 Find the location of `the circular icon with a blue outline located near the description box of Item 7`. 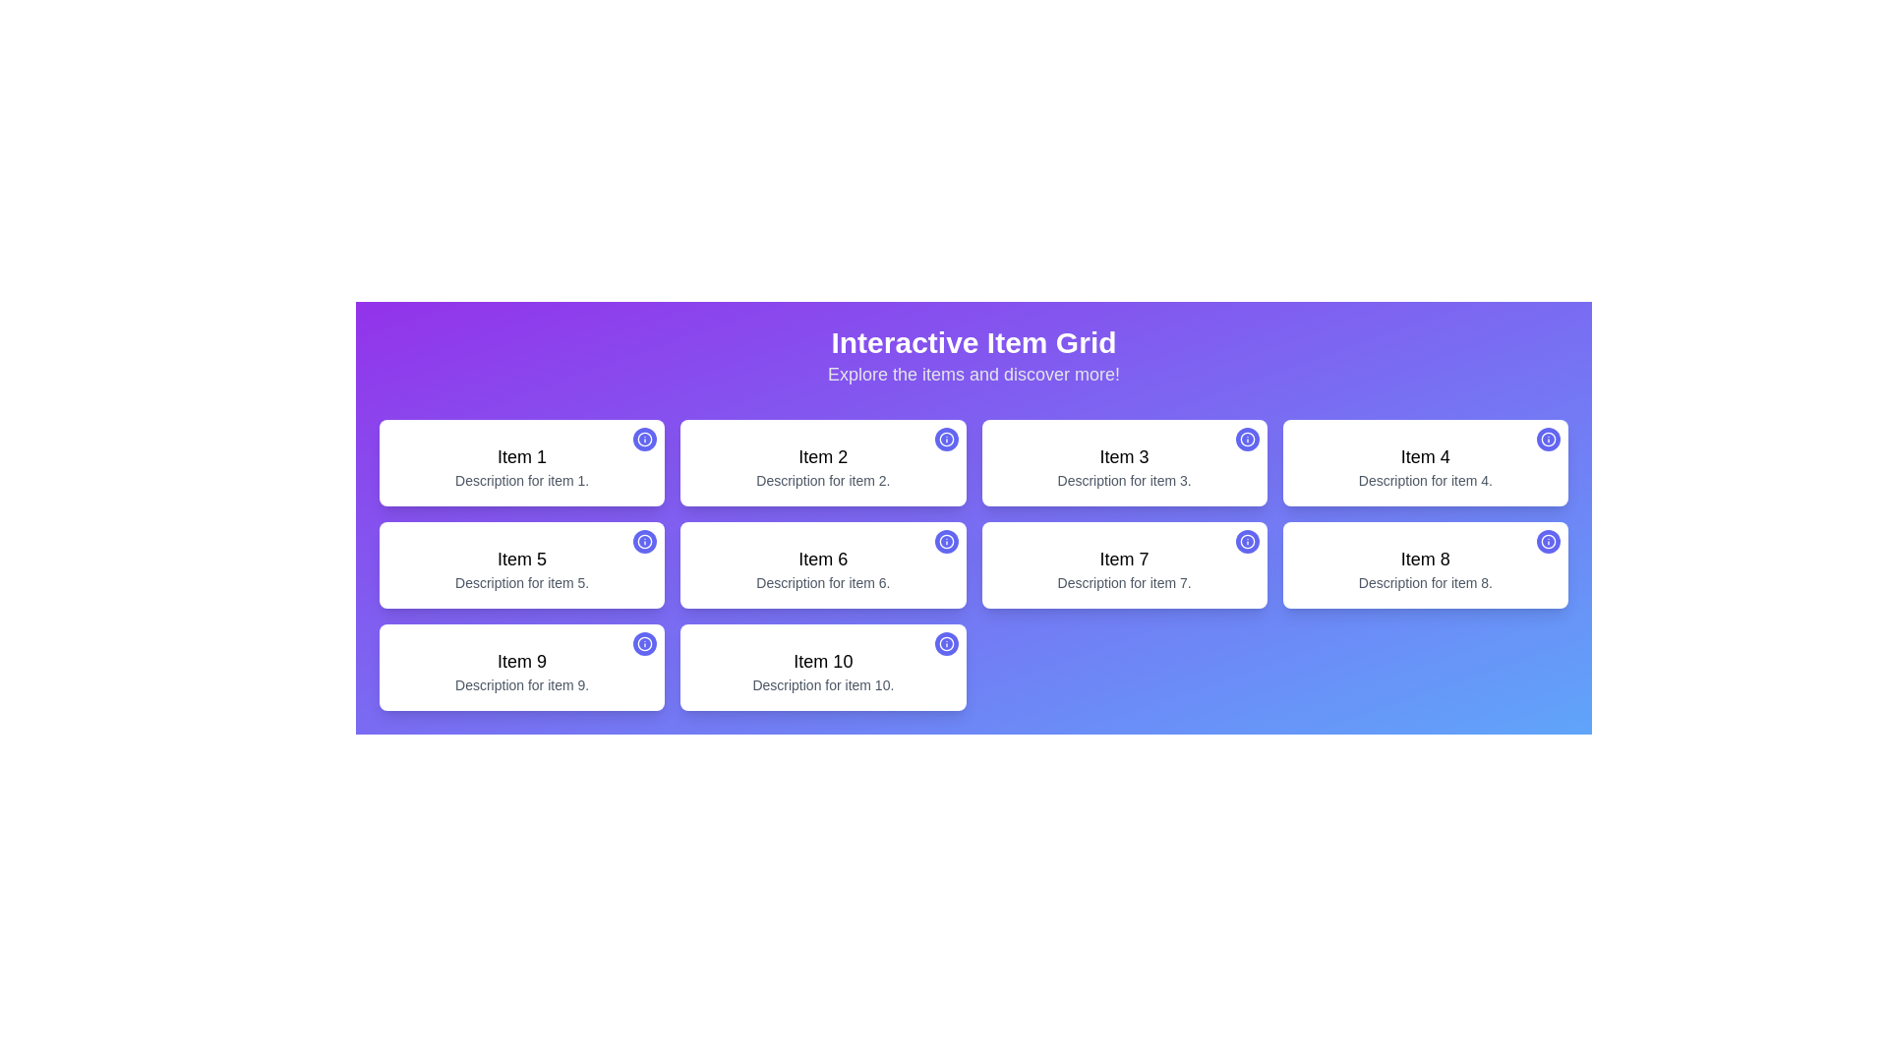

the circular icon with a blue outline located near the description box of Item 7 is located at coordinates (1246, 542).